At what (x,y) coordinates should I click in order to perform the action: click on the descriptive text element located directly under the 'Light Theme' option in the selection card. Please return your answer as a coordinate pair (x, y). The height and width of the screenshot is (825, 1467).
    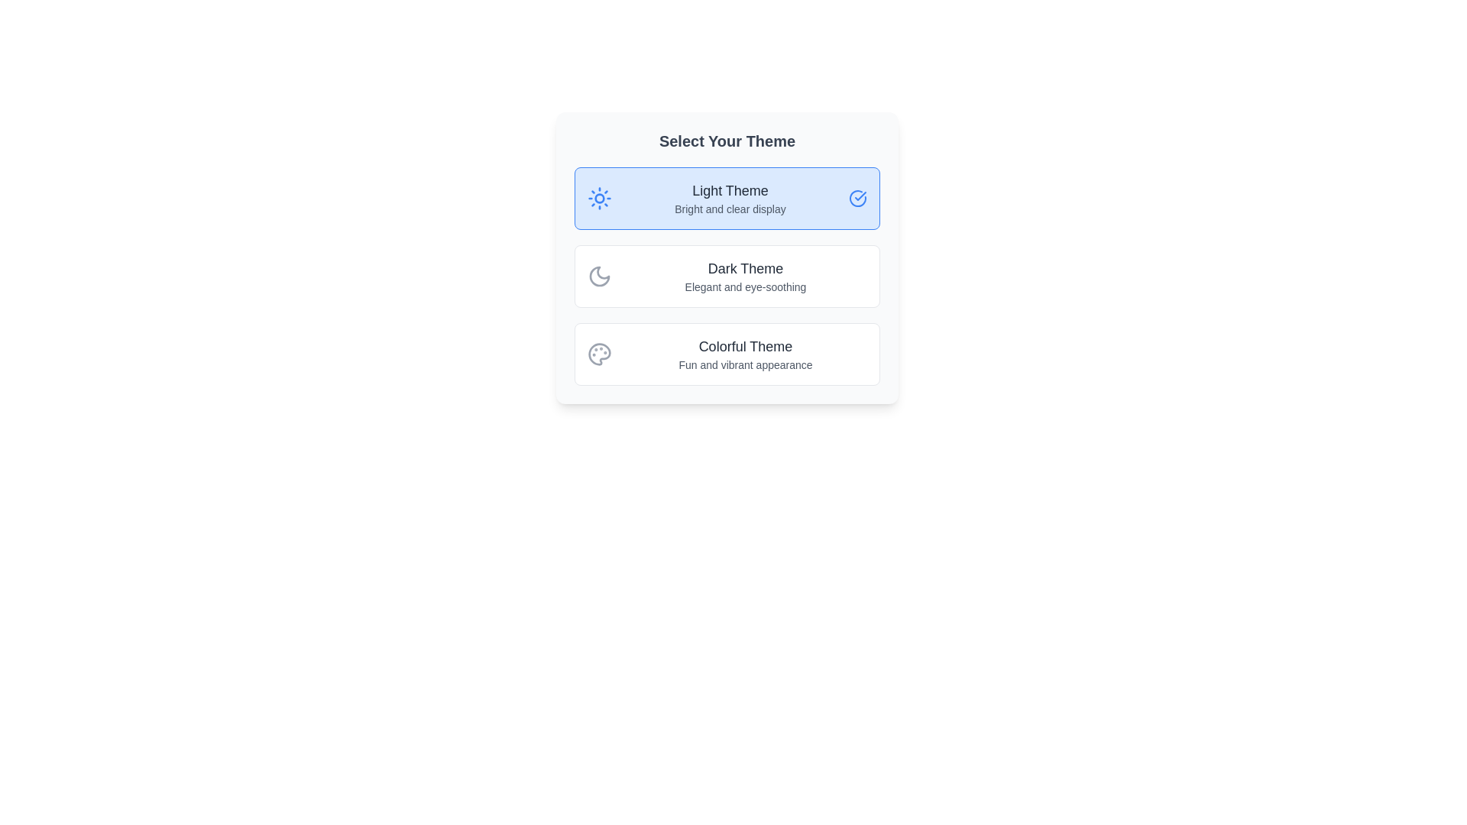
    Looking at the image, I should click on (729, 209).